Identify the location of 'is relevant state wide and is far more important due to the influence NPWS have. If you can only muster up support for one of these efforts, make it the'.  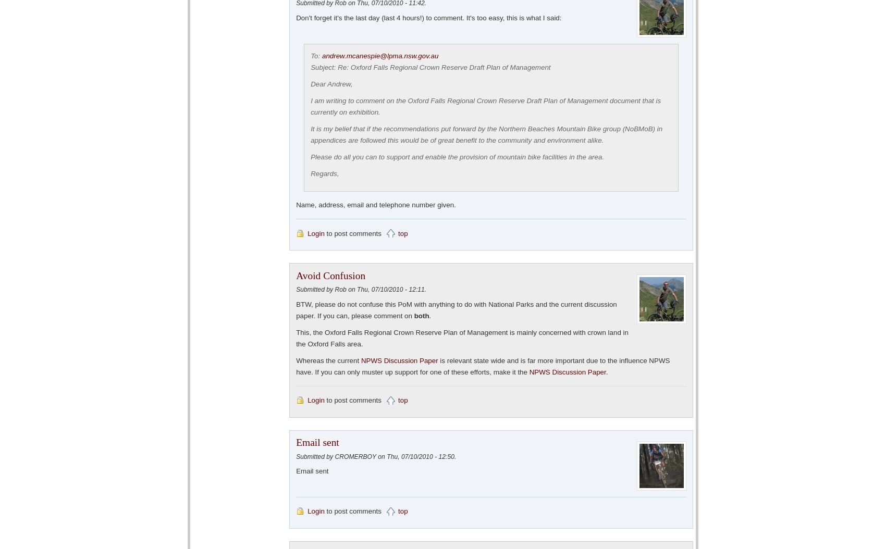
(483, 365).